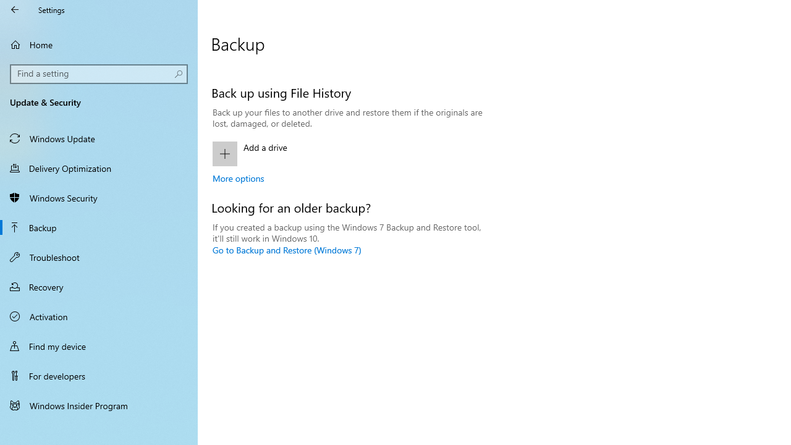  I want to click on 'Delivery Optimization', so click(99, 167).